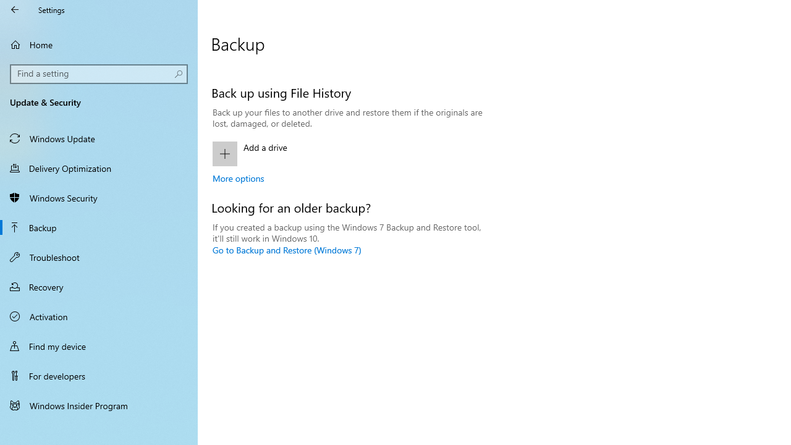  I want to click on 'Delivery Optimization', so click(99, 167).